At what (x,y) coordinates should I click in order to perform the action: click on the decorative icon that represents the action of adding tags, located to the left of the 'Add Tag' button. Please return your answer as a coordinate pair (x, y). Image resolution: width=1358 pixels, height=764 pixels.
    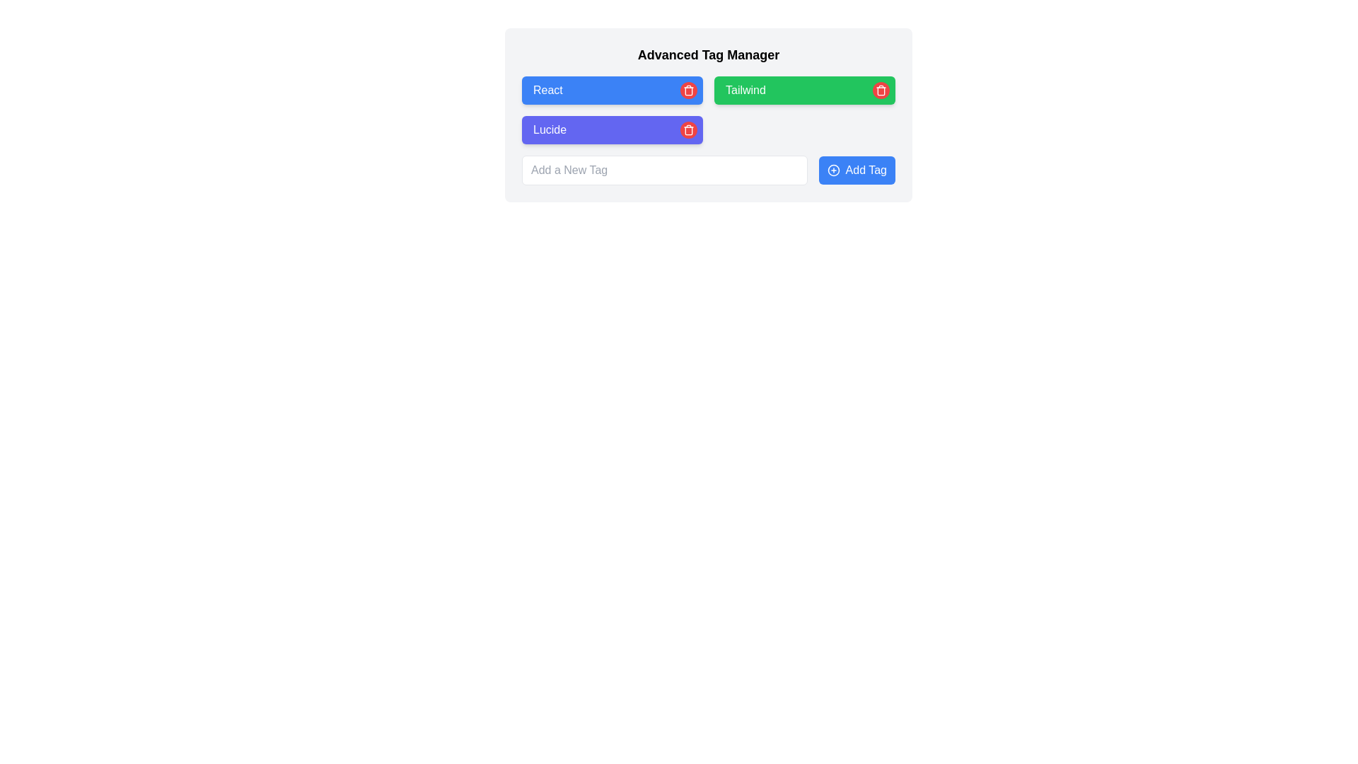
    Looking at the image, I should click on (833, 169).